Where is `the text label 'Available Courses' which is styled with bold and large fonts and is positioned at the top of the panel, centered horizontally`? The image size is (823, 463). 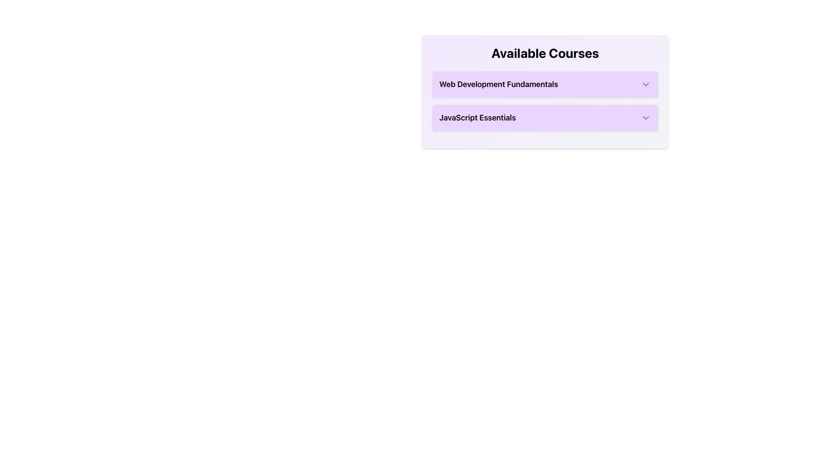 the text label 'Available Courses' which is styled with bold and large fonts and is positioned at the top of the panel, centered horizontally is located at coordinates (545, 53).